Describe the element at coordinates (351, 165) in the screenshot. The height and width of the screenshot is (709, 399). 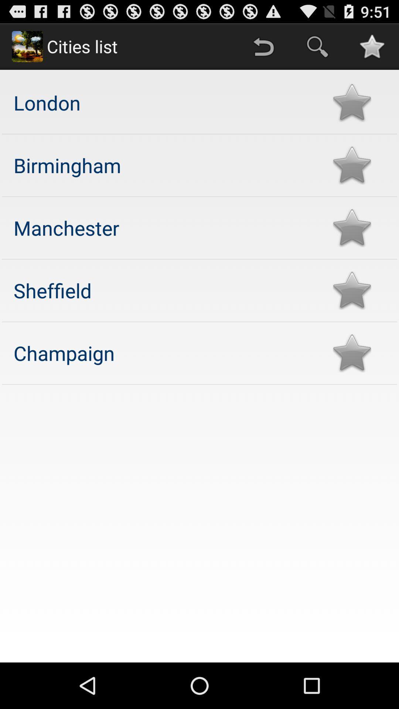
I see `rate the best` at that location.